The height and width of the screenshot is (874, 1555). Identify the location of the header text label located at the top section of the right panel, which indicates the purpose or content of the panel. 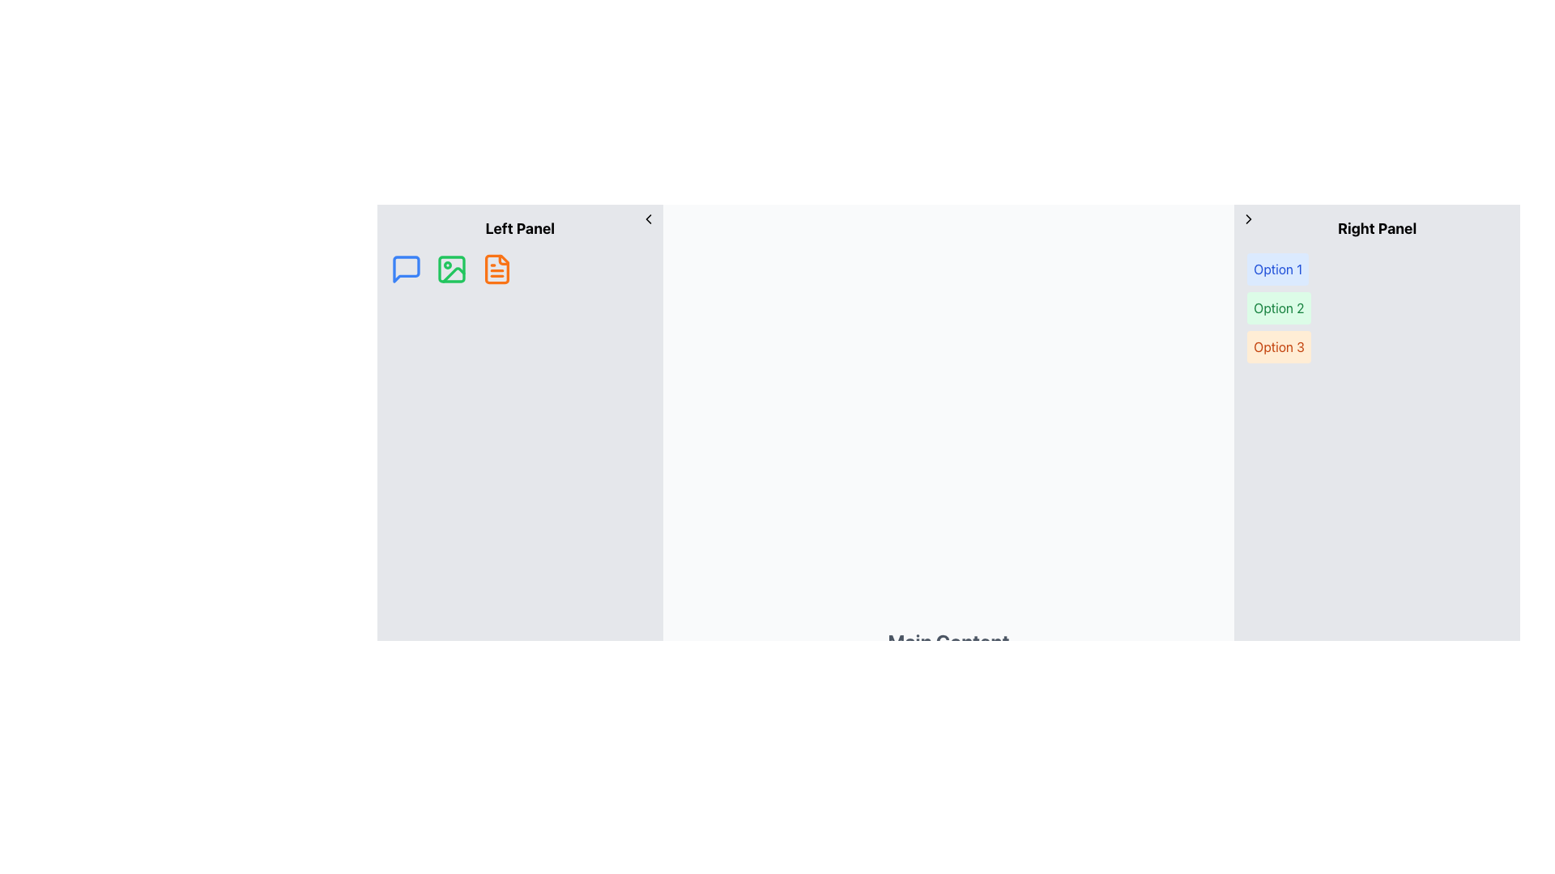
(1376, 228).